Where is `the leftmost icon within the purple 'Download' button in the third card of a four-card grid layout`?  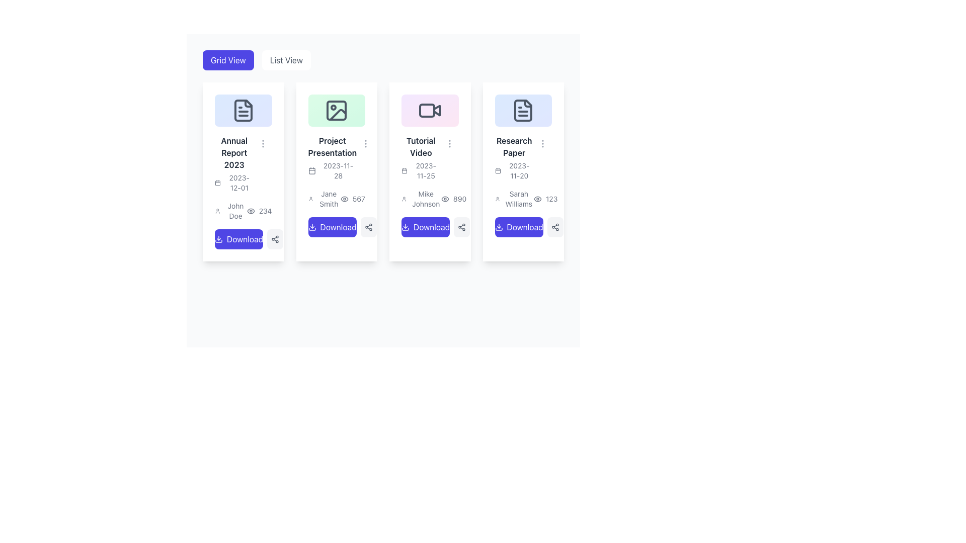
the leftmost icon within the purple 'Download' button in the third card of a four-card grid layout is located at coordinates (406, 227).